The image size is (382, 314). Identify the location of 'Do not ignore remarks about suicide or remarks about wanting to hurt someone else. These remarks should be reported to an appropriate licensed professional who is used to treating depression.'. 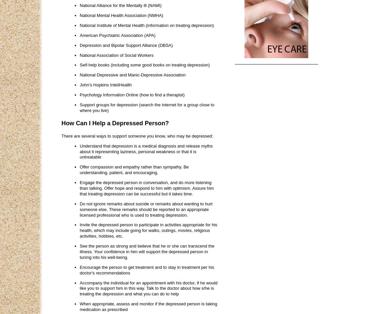
(146, 209).